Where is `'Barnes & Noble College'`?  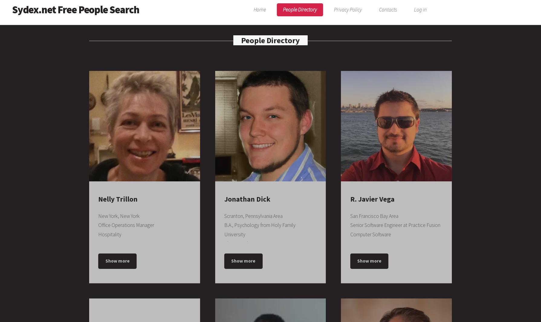
'Barnes & Noble College' is located at coordinates (250, 307).